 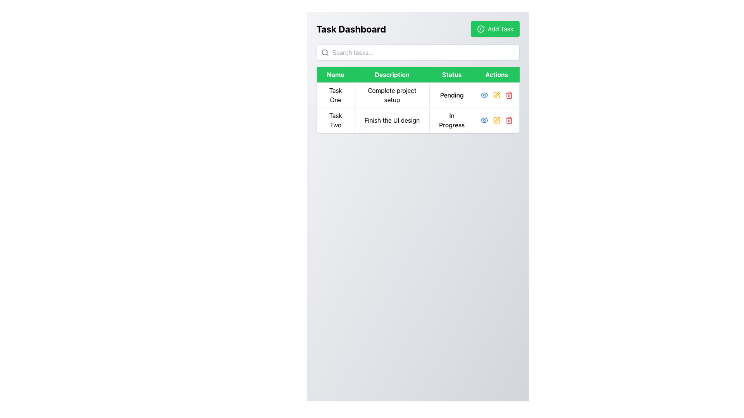 I want to click on the red trash bin icon in the 'Actions' column of the second row, so click(x=509, y=120).